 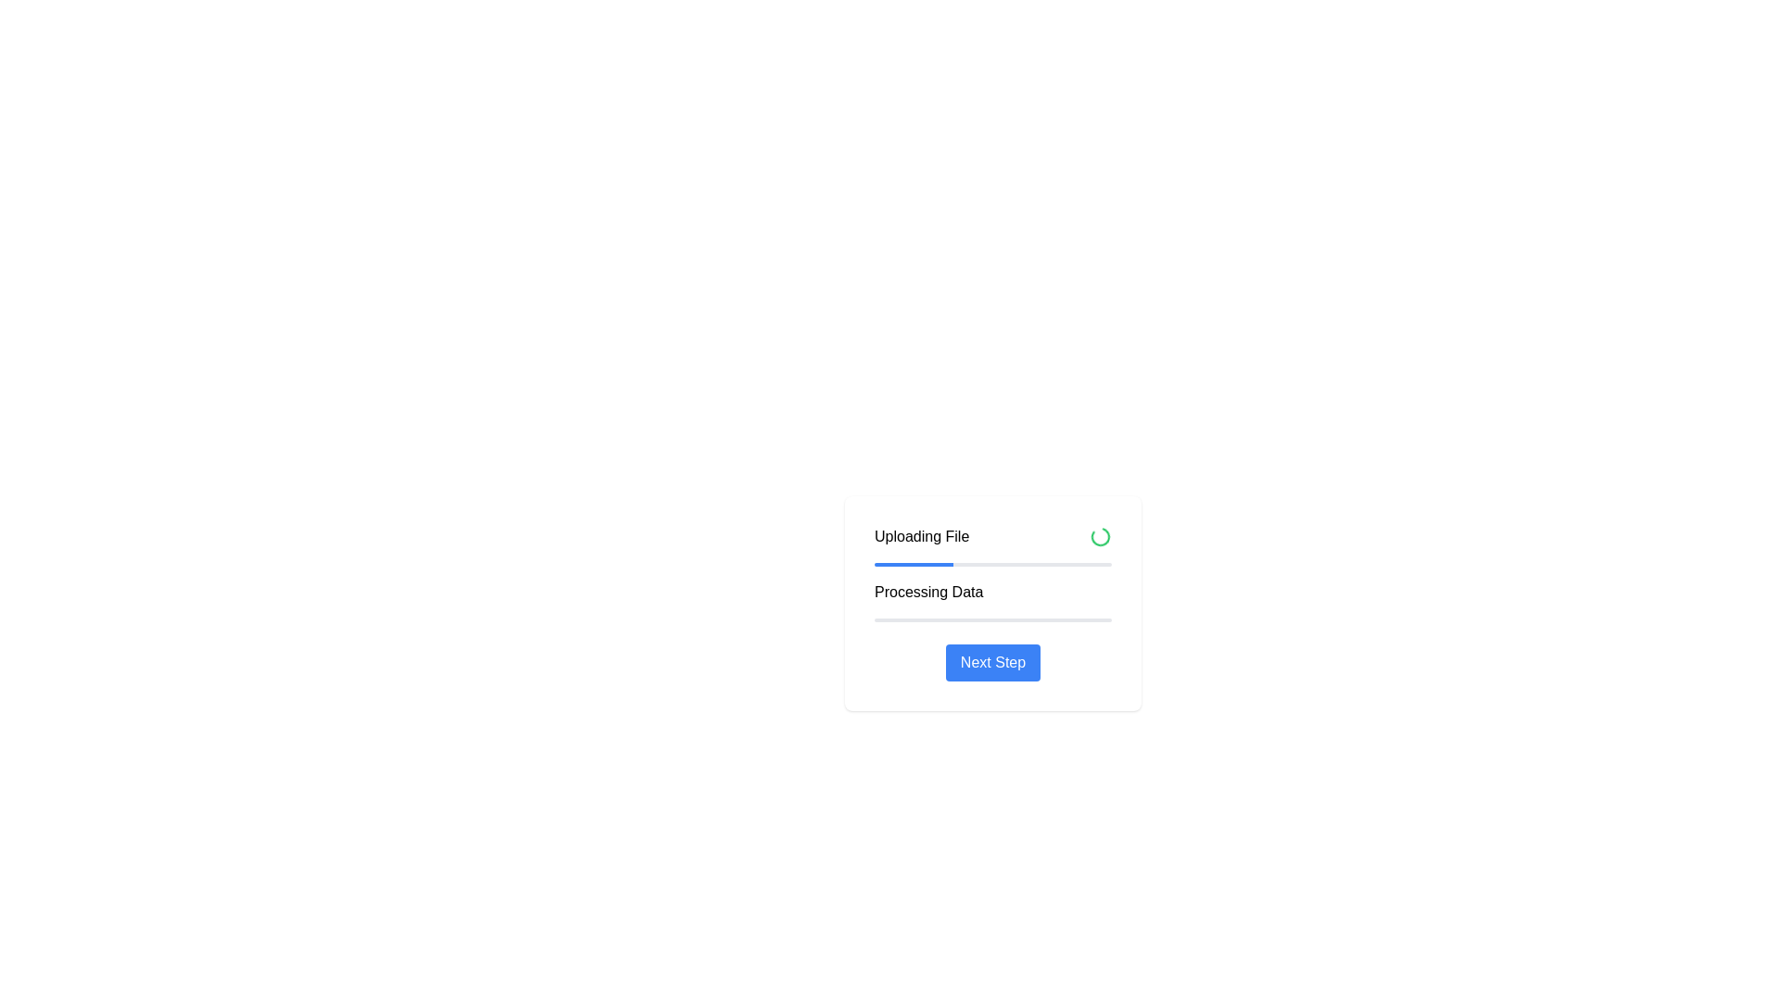 What do you see at coordinates (874, 563) in the screenshot?
I see `the progress bar` at bounding box center [874, 563].